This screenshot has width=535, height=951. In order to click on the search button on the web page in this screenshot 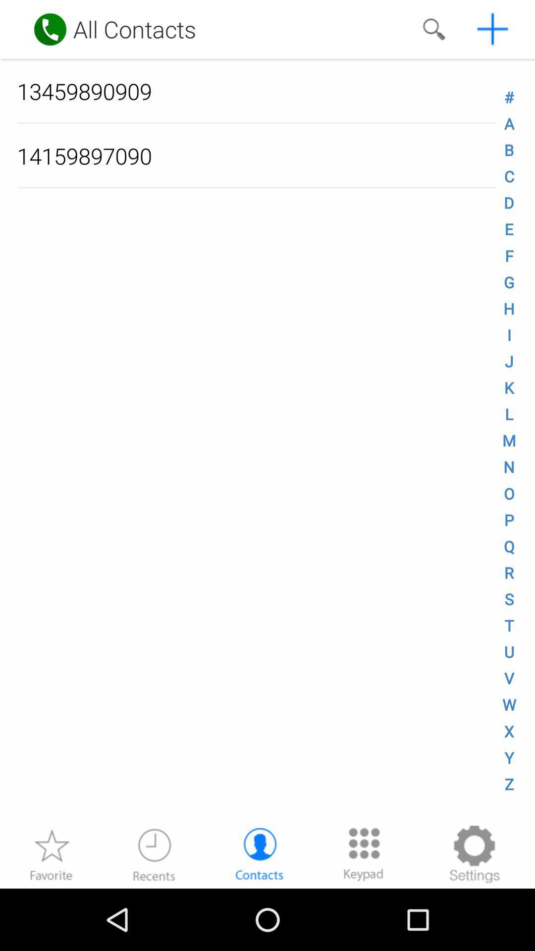, I will do `click(433, 29)`.